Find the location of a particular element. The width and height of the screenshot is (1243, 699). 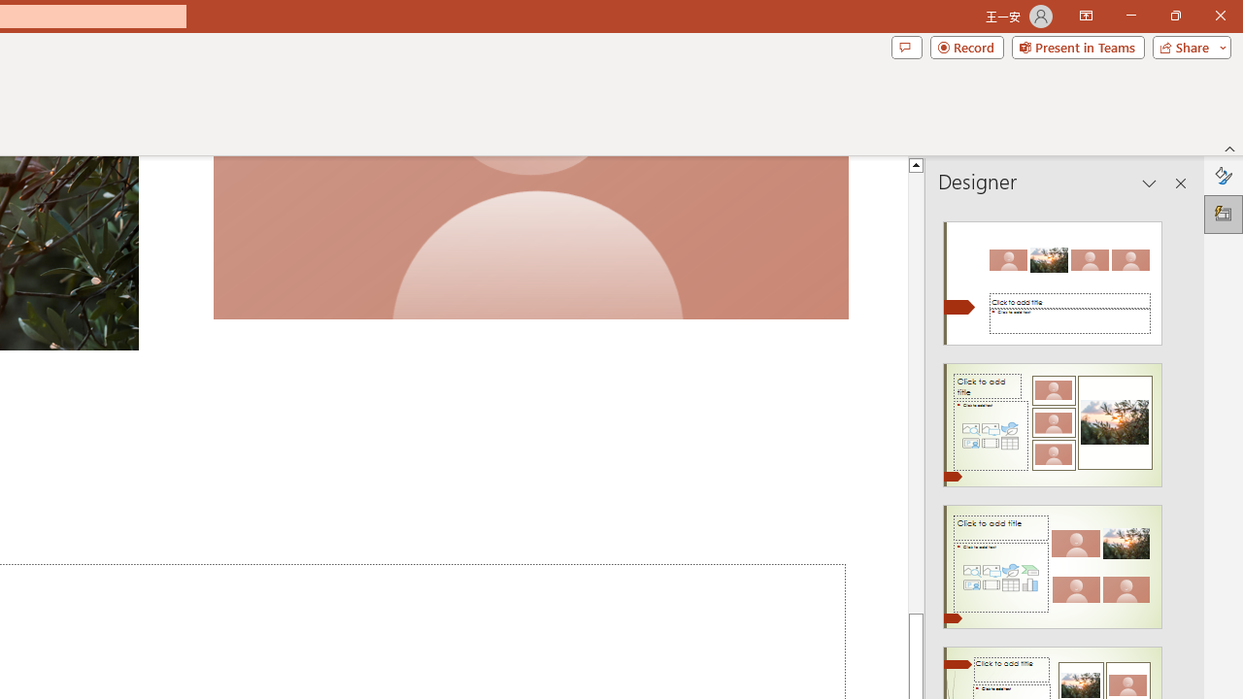

'Format Background' is located at coordinates (1223, 176).